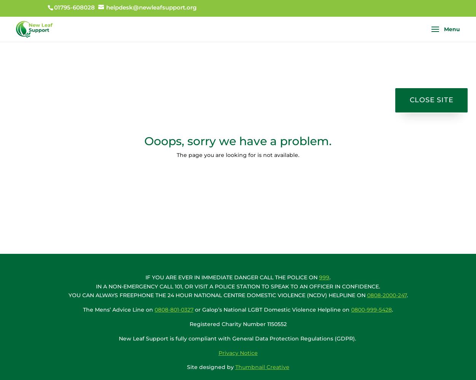  What do you see at coordinates (237, 353) in the screenshot?
I see `'Privacy Notice'` at bounding box center [237, 353].